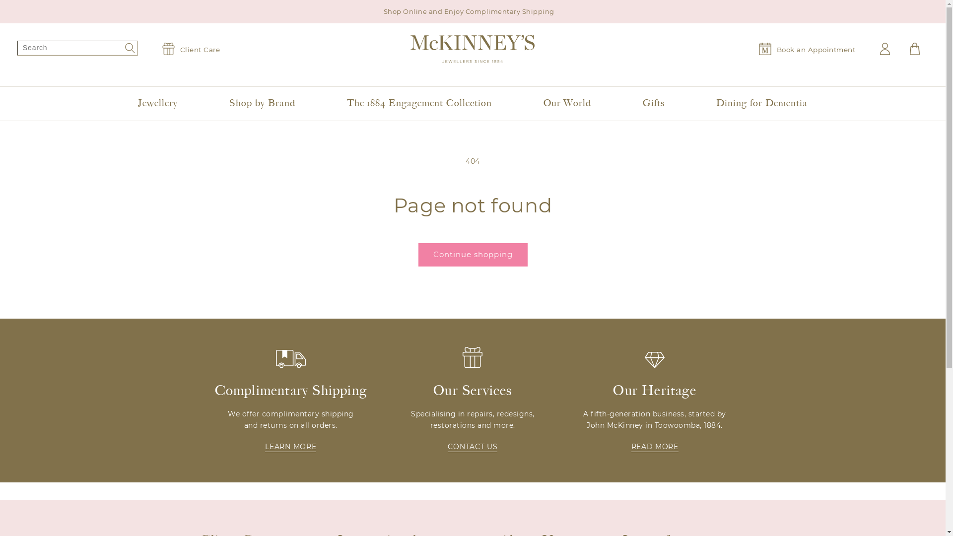 The height and width of the screenshot is (536, 953). Describe the element at coordinates (191, 49) in the screenshot. I see `'Client Care'` at that location.